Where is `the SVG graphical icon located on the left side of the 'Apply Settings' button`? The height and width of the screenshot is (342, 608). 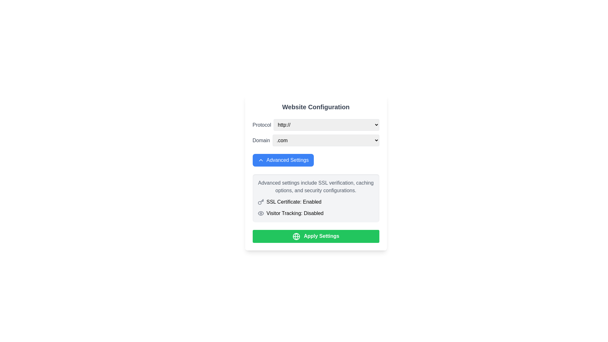 the SVG graphical icon located on the left side of the 'Apply Settings' button is located at coordinates (296, 236).